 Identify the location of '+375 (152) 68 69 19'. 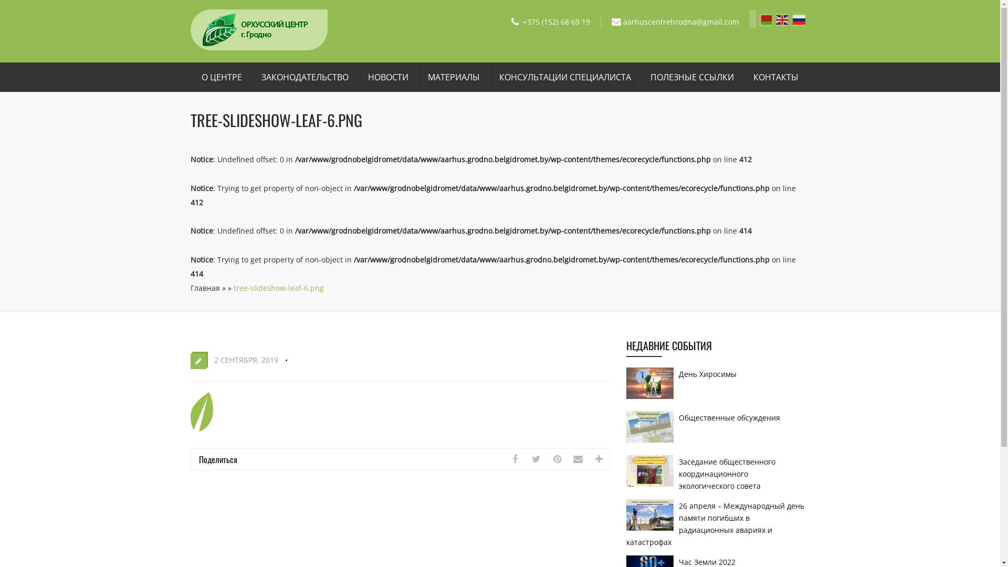
(523, 22).